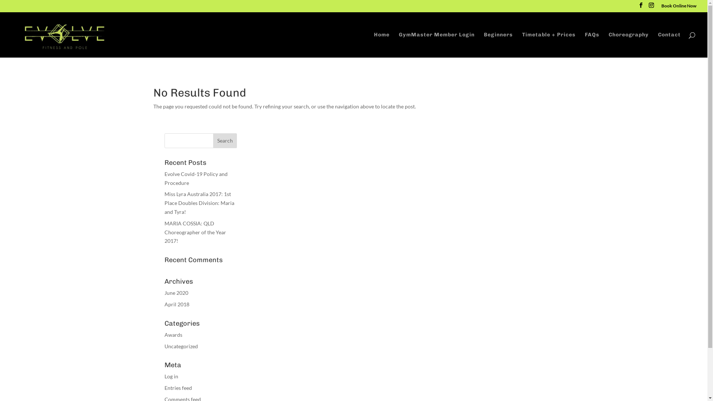 The image size is (713, 401). Describe the element at coordinates (176, 292) in the screenshot. I see `'June 2020'` at that location.